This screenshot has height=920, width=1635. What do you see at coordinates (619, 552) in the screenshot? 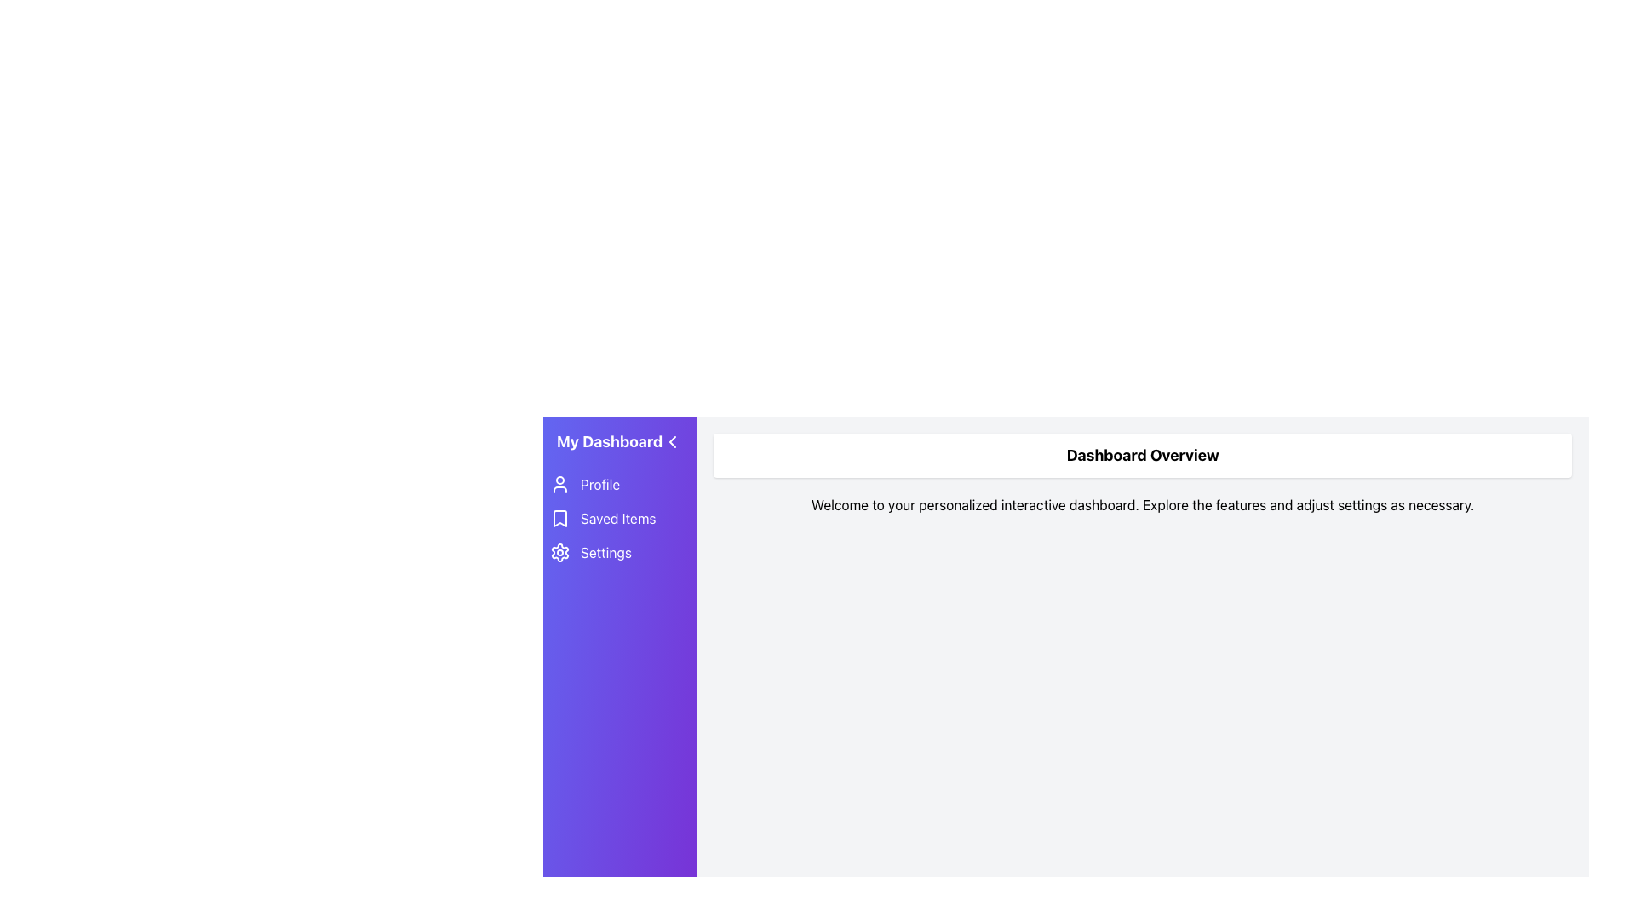
I see `the 'Settings' button in the sidebar menu` at bounding box center [619, 552].